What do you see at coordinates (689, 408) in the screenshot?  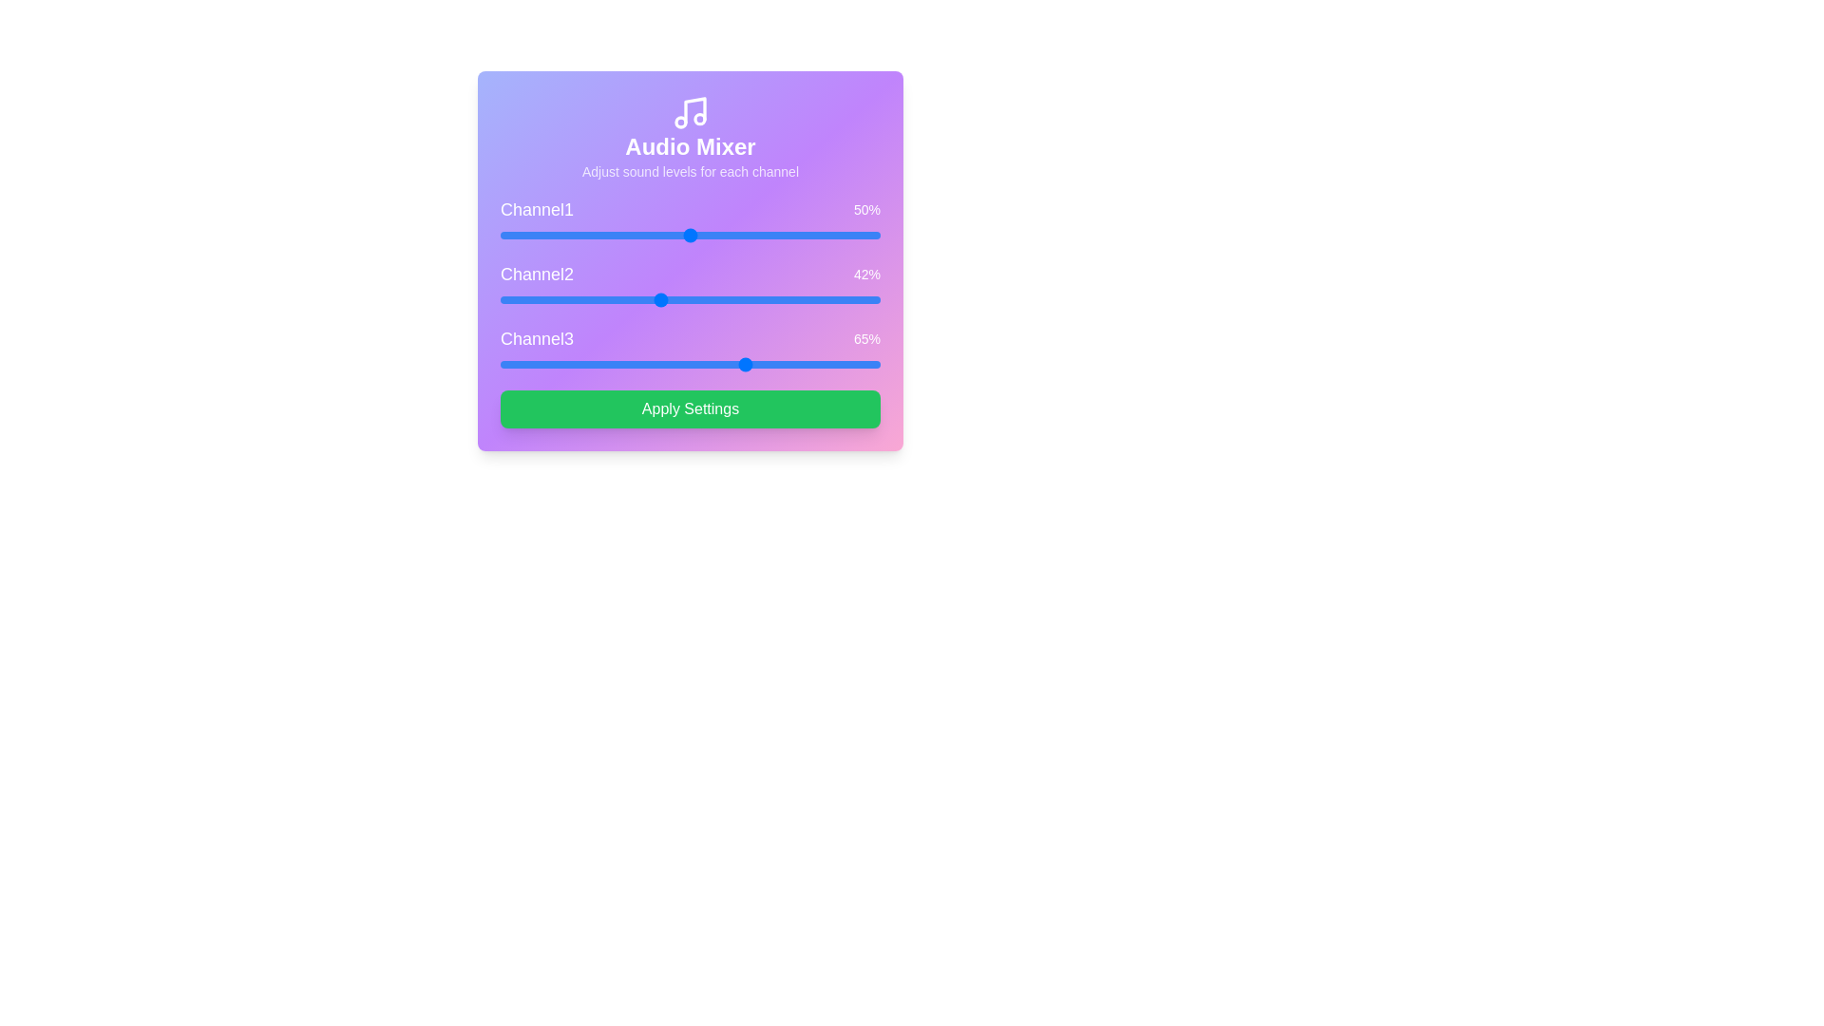 I see `the 'Apply Settings' button` at bounding box center [689, 408].